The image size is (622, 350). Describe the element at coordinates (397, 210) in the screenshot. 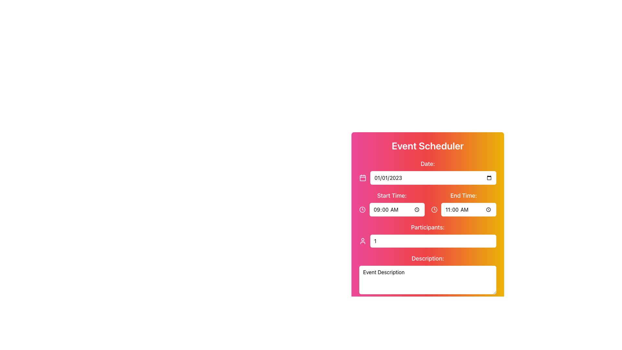

I see `the Time picker input field associated with the 'Start Time' label` at that location.